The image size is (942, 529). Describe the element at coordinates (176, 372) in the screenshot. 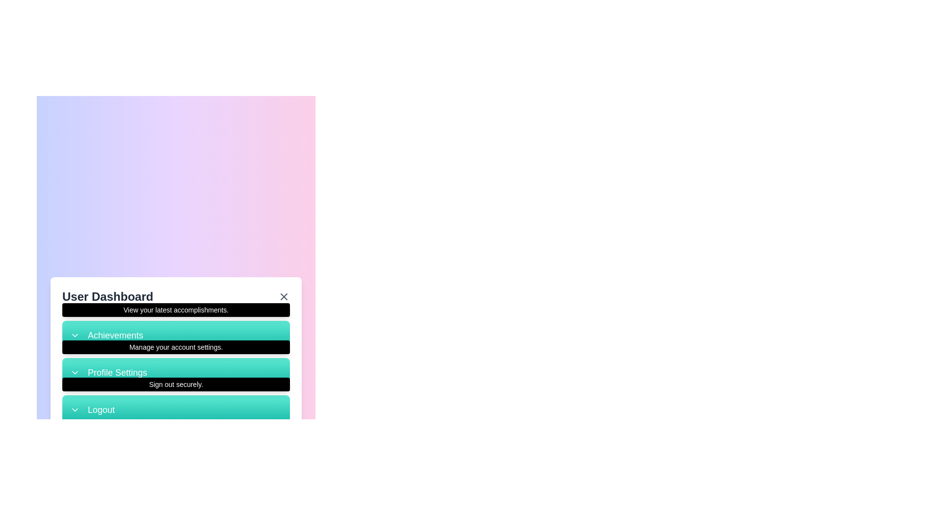

I see `the 'Profile Settings' Collapsible Section Header` at that location.